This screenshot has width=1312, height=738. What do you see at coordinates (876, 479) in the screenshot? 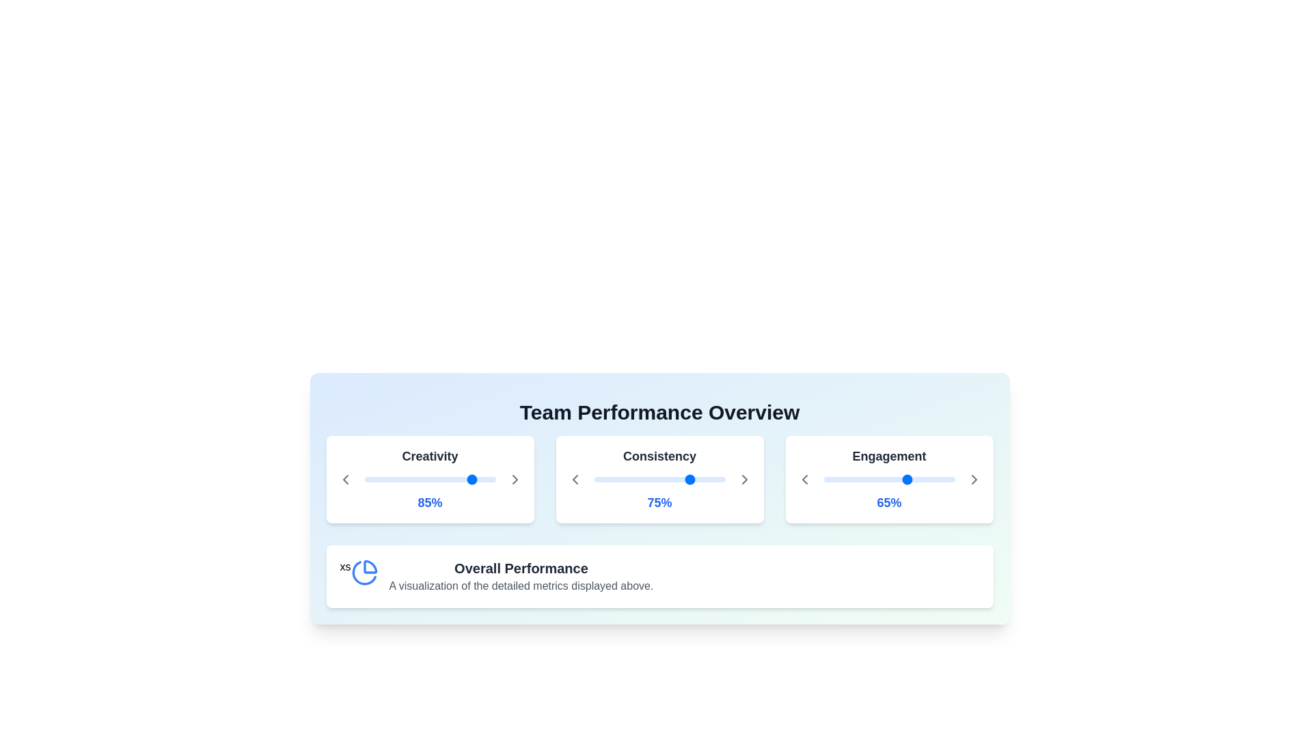
I see `the Engagement slider` at bounding box center [876, 479].